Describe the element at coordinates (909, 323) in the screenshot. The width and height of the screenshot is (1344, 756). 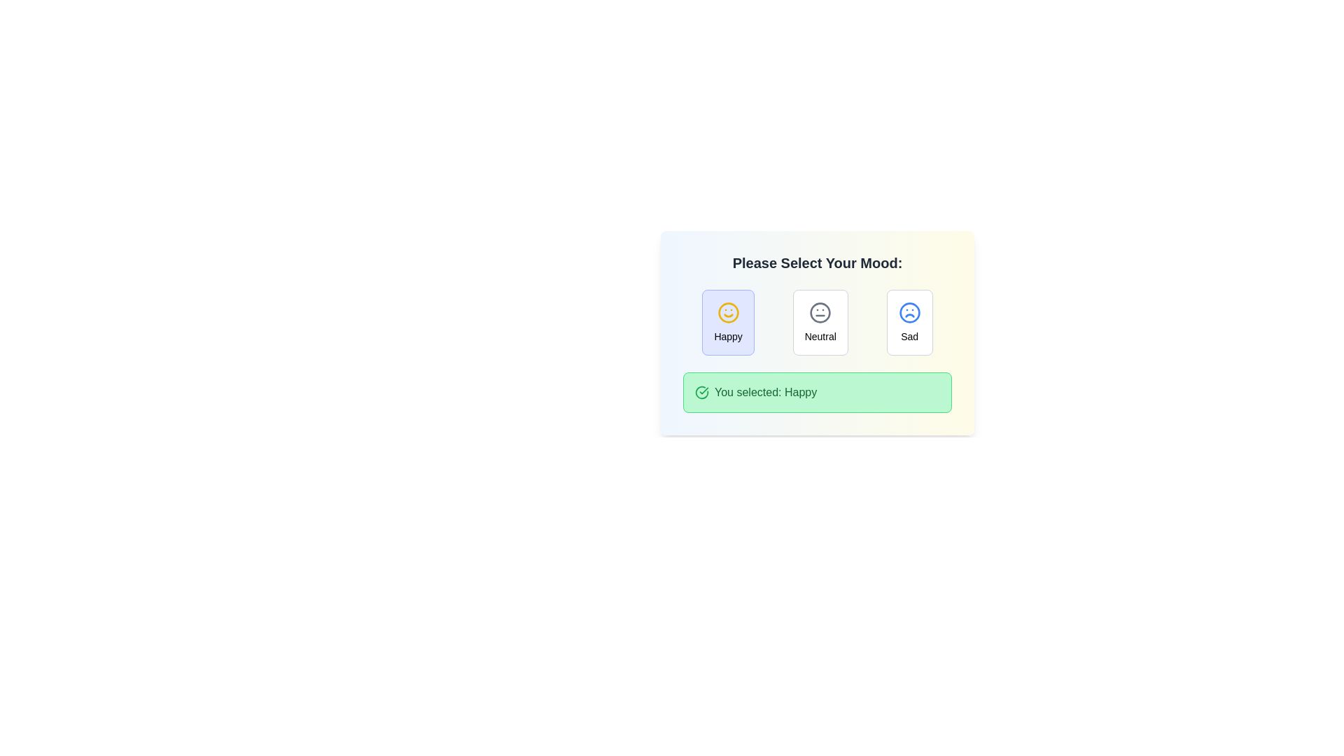
I see `the rounded rectangle button with a white background and gray border that contains a blue sad face icon and the text 'Sad'` at that location.